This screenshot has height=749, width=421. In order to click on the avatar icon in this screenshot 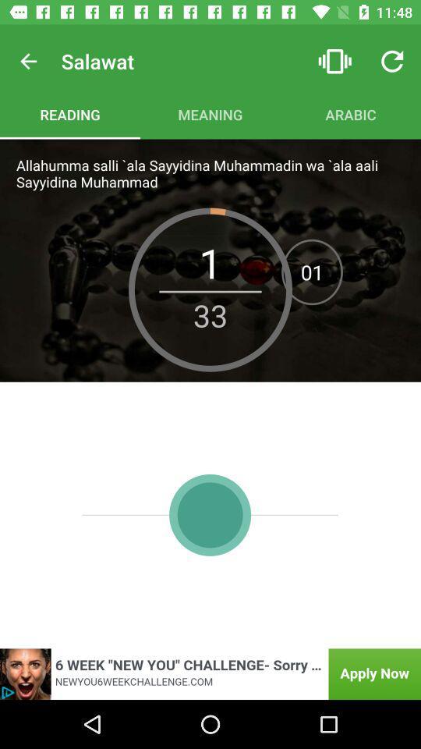, I will do `click(210, 514)`.